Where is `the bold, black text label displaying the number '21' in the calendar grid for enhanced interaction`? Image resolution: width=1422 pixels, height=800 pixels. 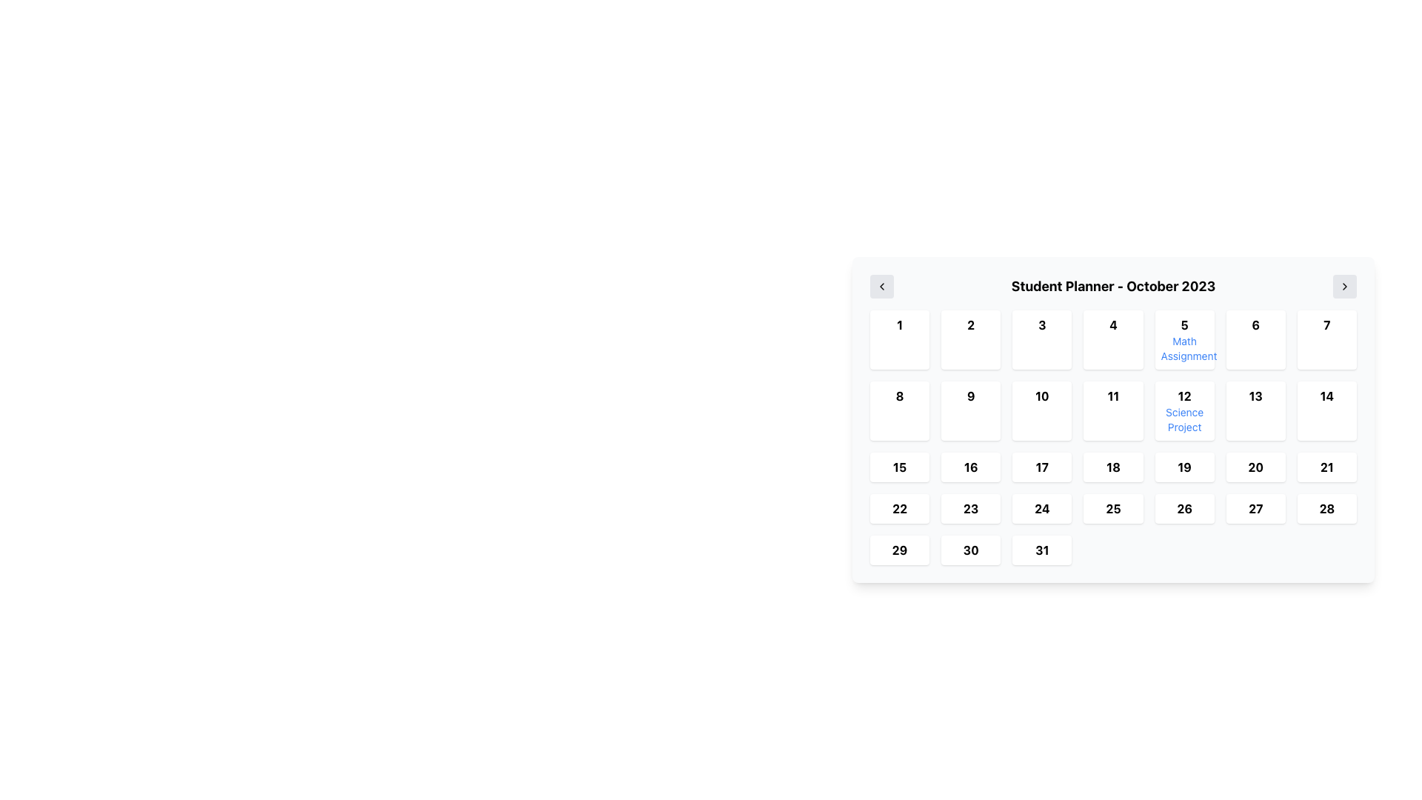 the bold, black text label displaying the number '21' in the calendar grid for enhanced interaction is located at coordinates (1326, 467).